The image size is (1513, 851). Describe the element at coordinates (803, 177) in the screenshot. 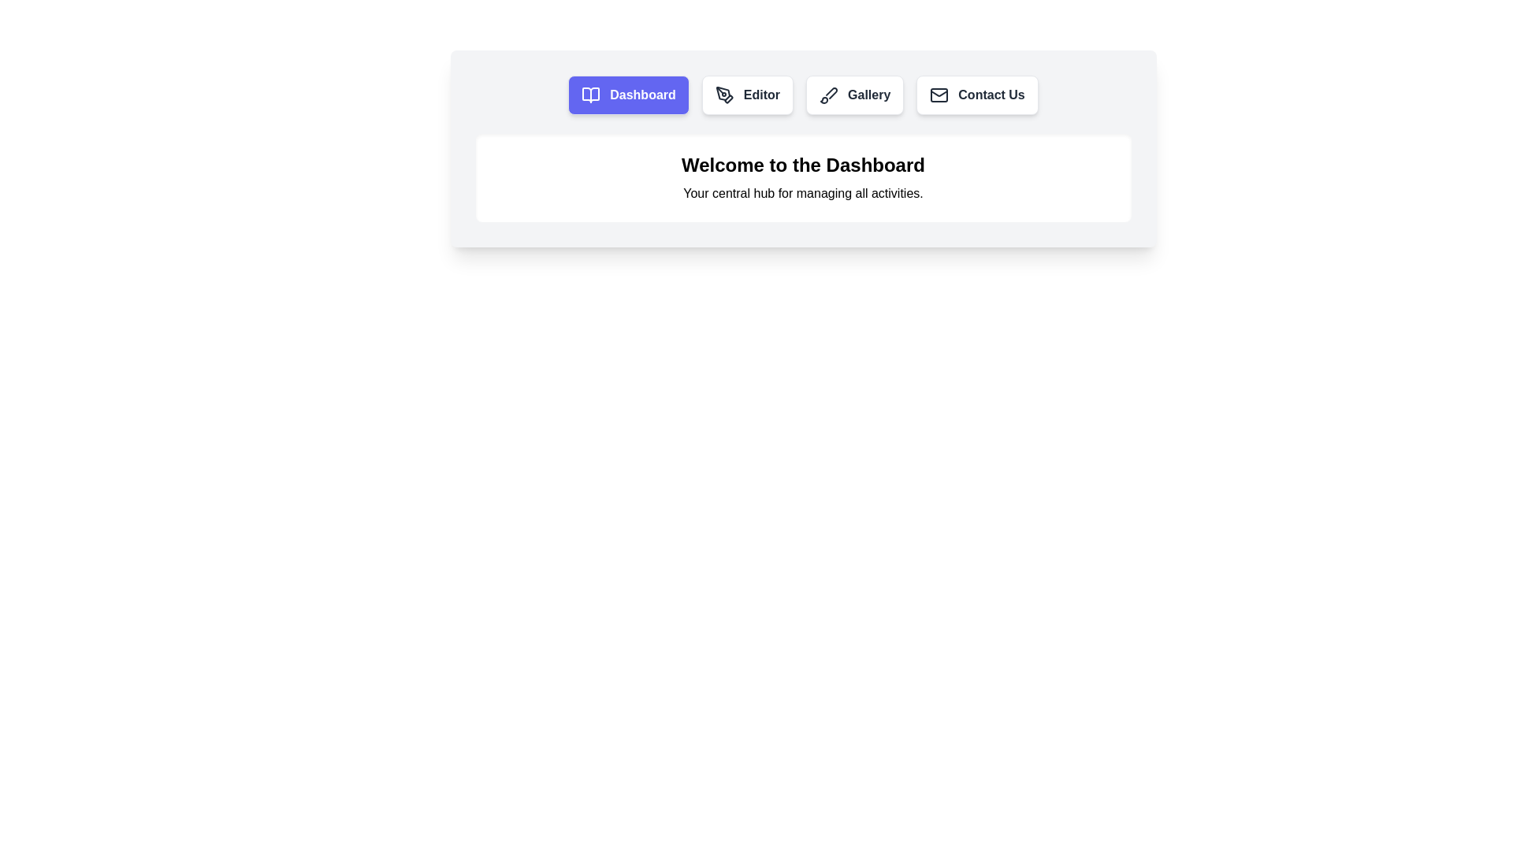

I see `the Informational panel located below the navigation buttons, which serves as an introduction to the dashboard interface` at that location.